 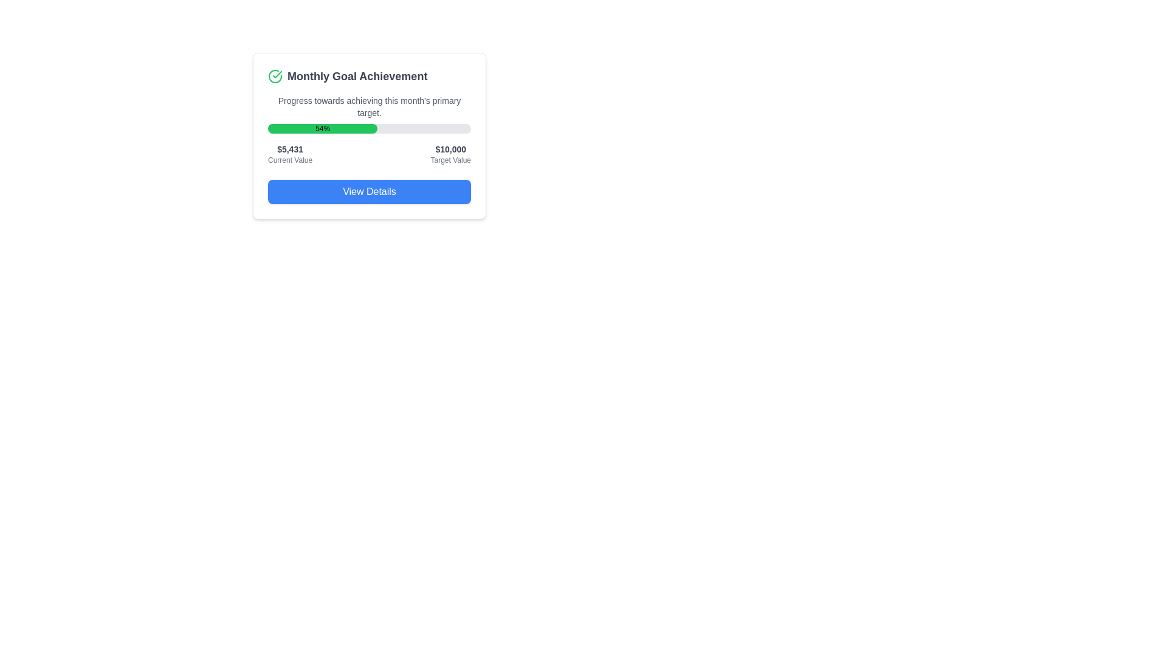 I want to click on the Progress metric display showing Current Value of '$5,431' and Target Value of '$10,000' within the 'Monthly Goal Achievement' card, so click(x=369, y=154).